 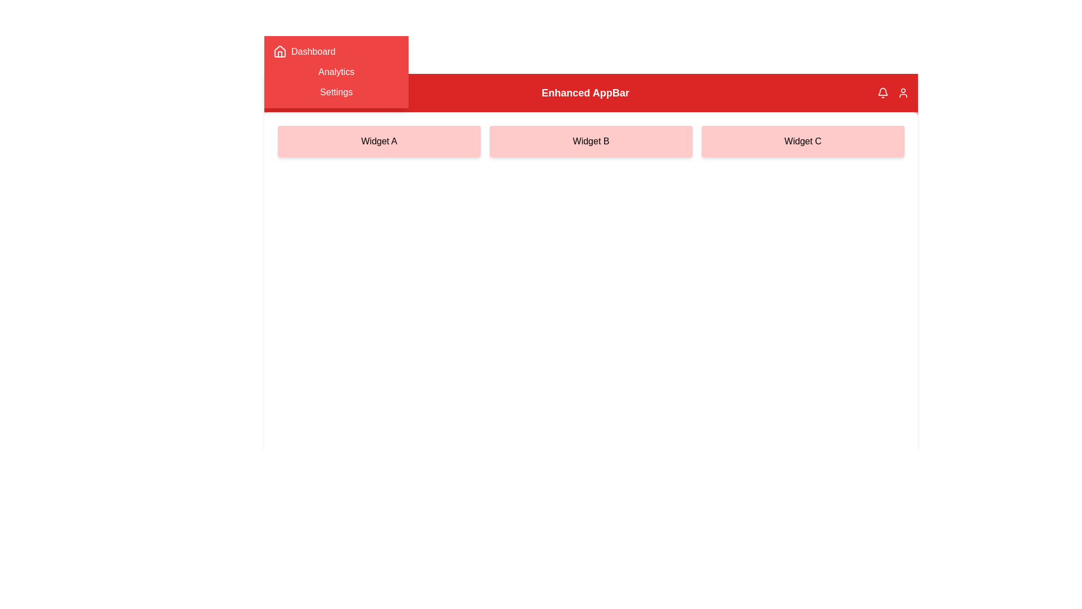 I want to click on the navigation menu item Analytics, so click(x=335, y=72).